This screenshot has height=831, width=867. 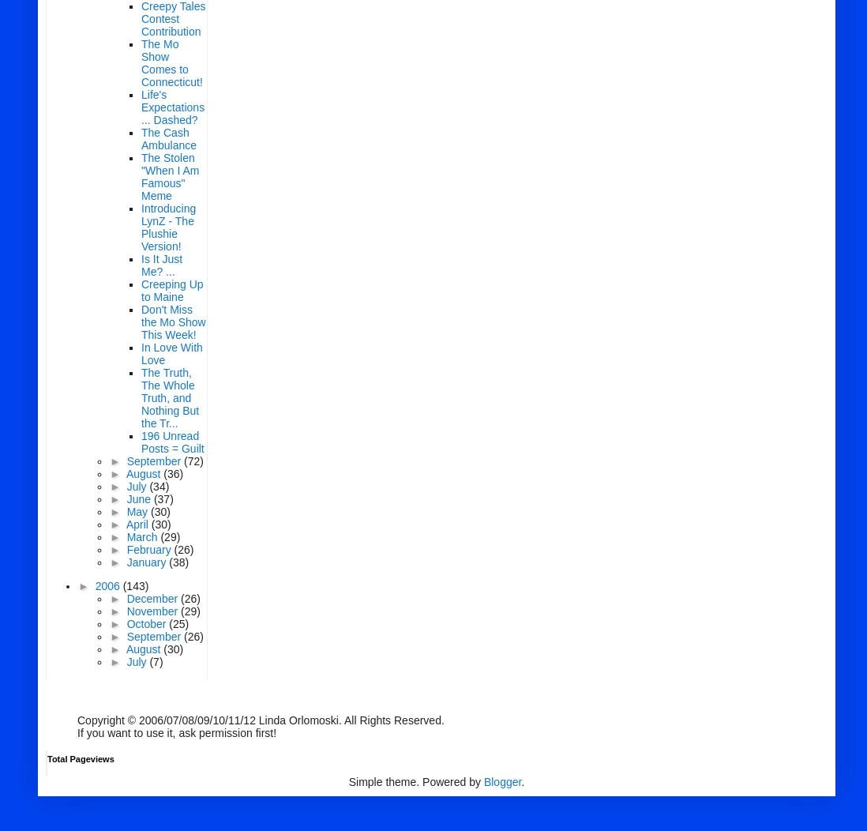 I want to click on 'November', so click(x=126, y=610).